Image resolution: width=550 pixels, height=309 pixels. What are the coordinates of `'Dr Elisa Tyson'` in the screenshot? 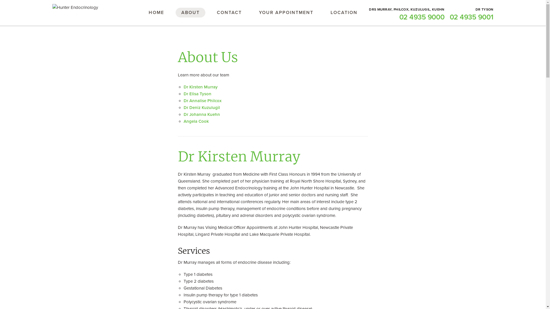 It's located at (197, 93).